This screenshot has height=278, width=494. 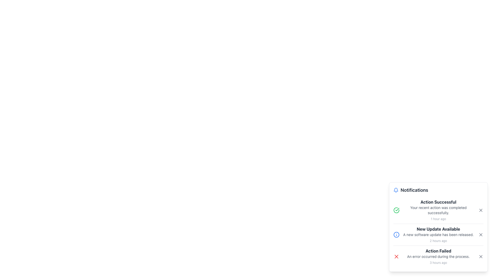 I want to click on the red 'X' icon indicating an error state, which is located immediately to the left of the text 'Action Failed' in the notification card, so click(x=396, y=256).